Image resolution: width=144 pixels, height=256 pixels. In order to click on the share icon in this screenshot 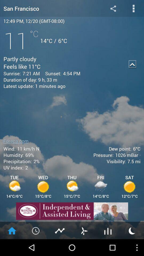, I will do `click(113, 9)`.